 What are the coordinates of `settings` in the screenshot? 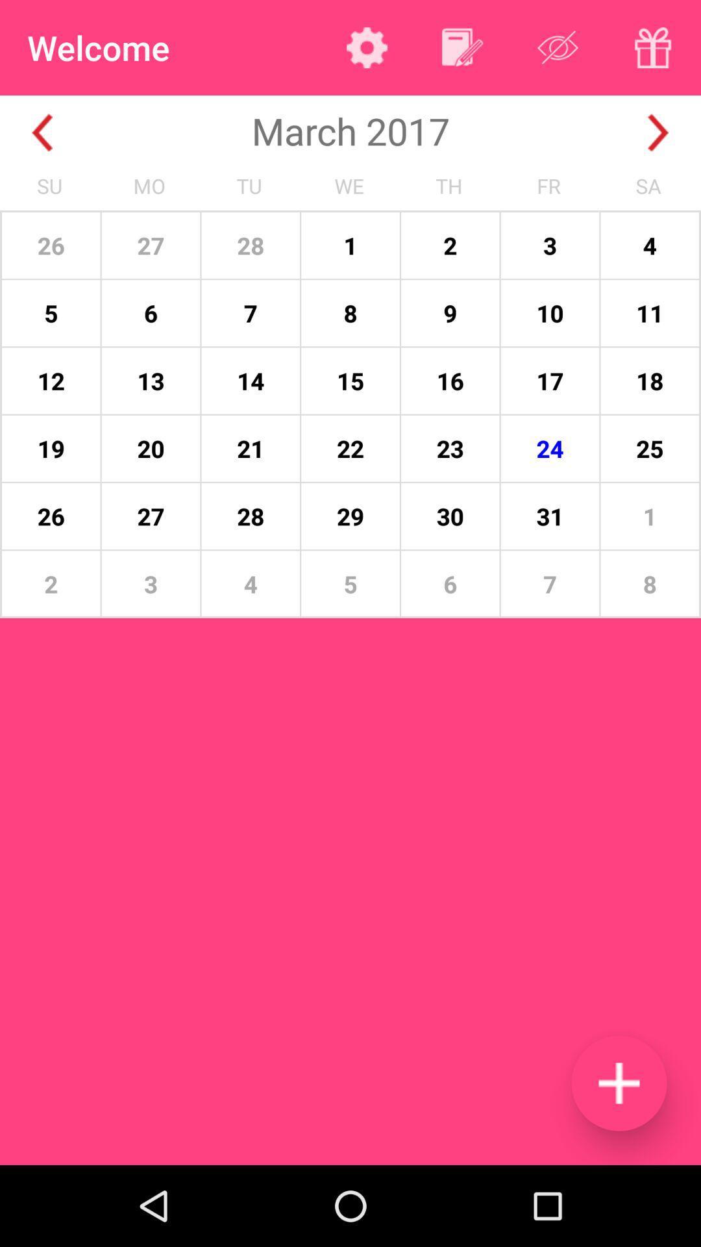 It's located at (367, 47).